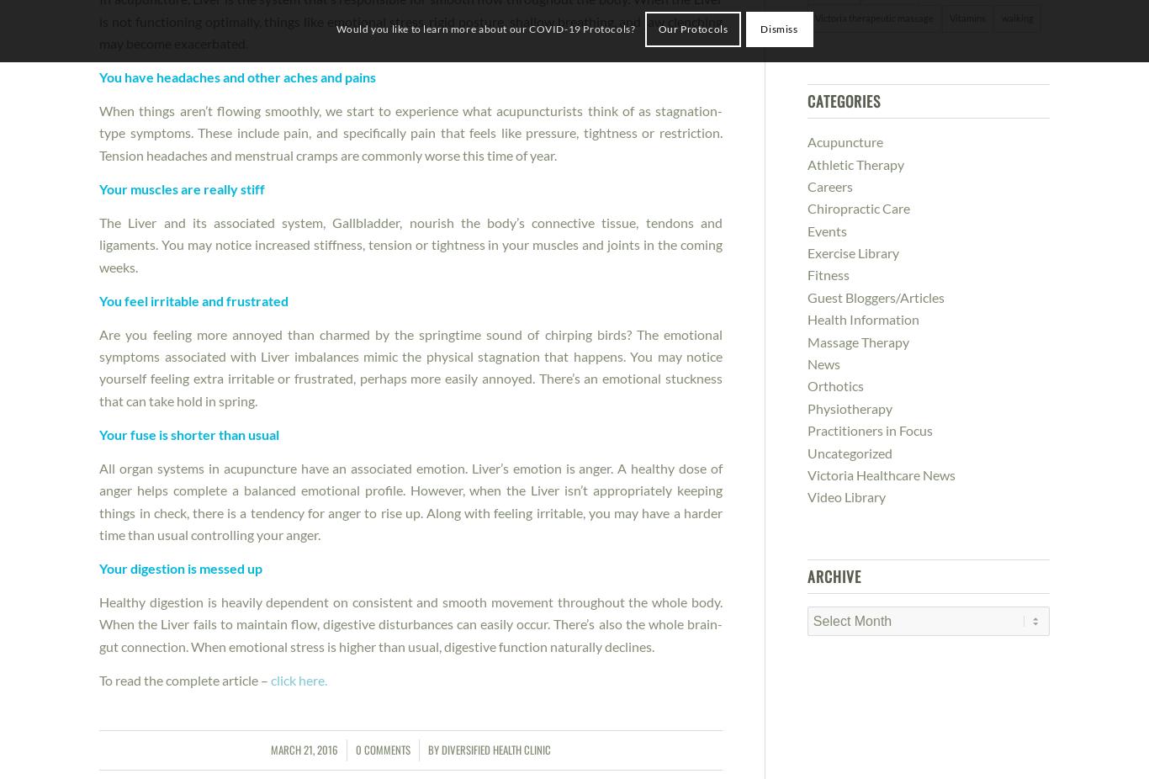 This screenshot has height=779, width=1149. Describe the element at coordinates (410, 131) in the screenshot. I see `'When things aren’t flowing smoothly, we start to experience what acupuncturists think of as stagnation-type symptoms. These include pain, and specifically pain that feels like pressure, tightness or restriction. Tension headaches and menstrual cramps are commonly worse this time of year.'` at that location.